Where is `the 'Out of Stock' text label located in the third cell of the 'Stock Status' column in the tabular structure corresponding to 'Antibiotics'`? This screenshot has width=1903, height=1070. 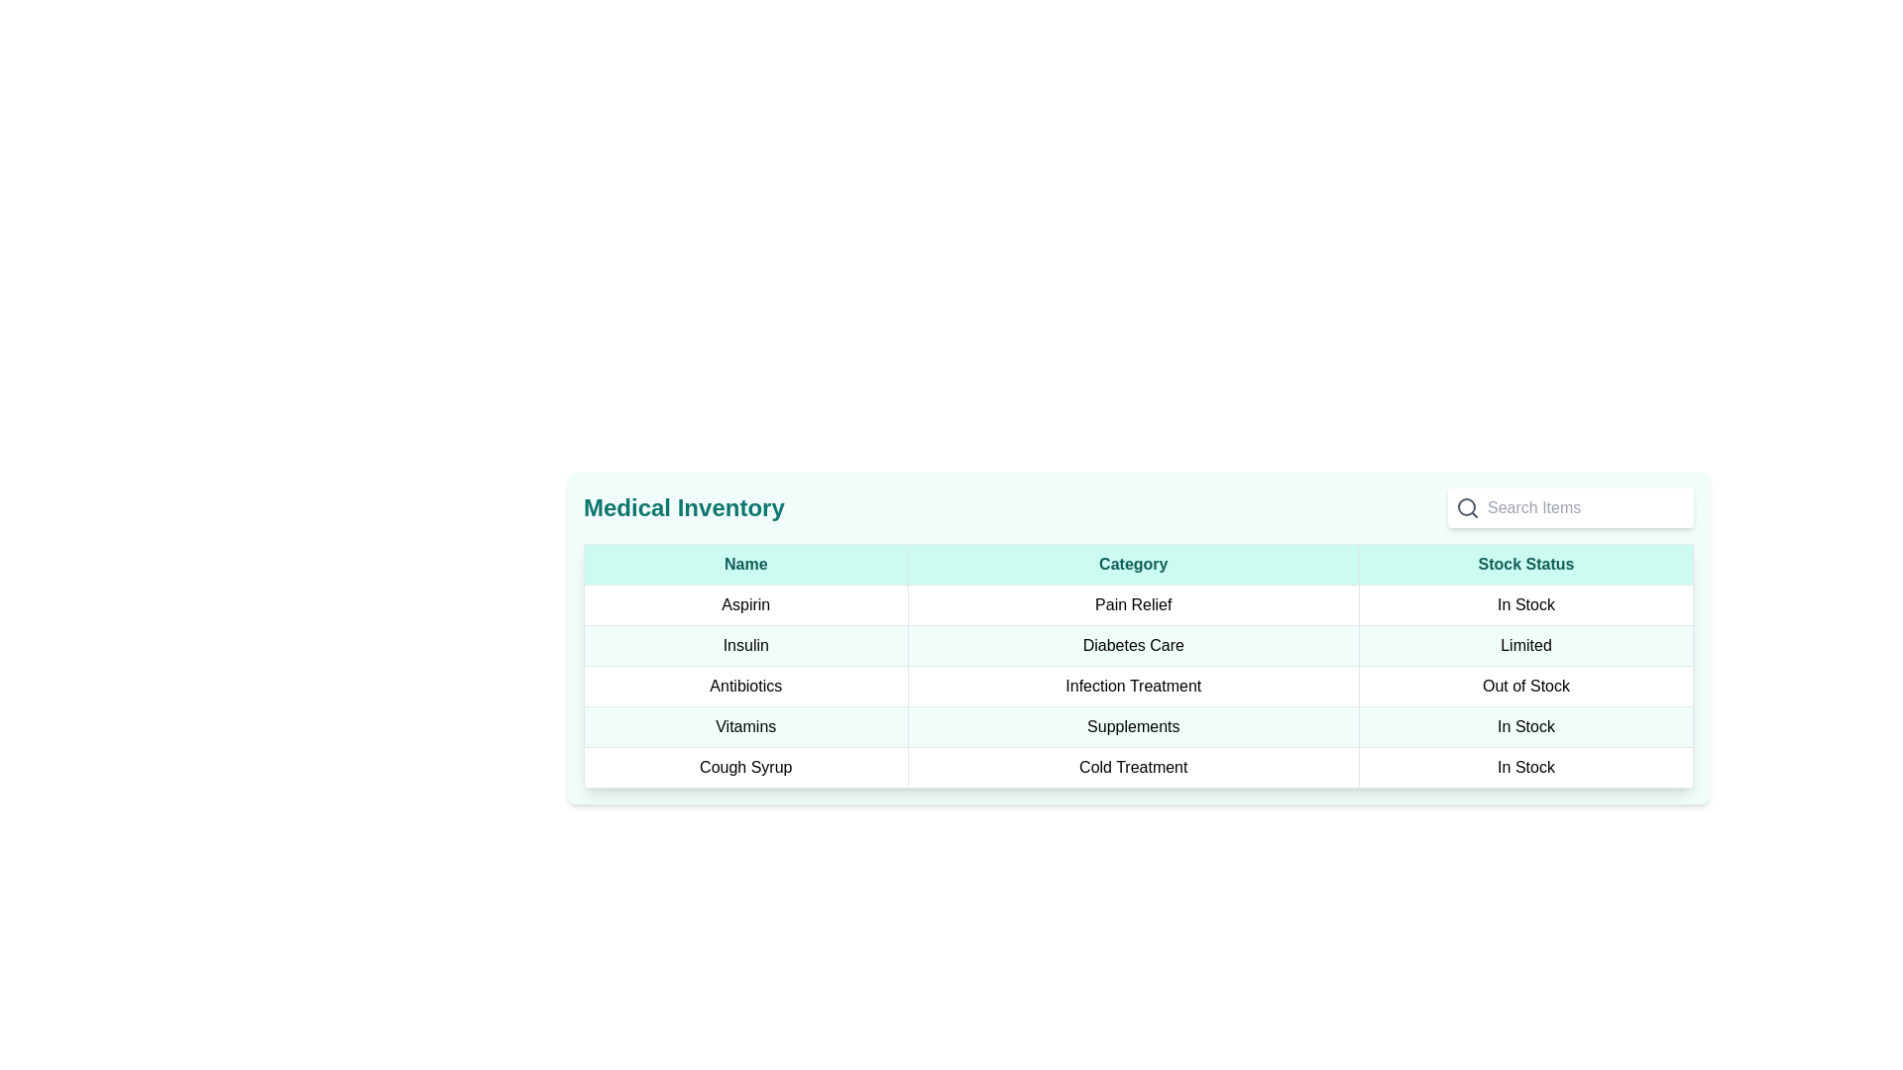 the 'Out of Stock' text label located in the third cell of the 'Stock Status' column in the tabular structure corresponding to 'Antibiotics' is located at coordinates (1525, 686).